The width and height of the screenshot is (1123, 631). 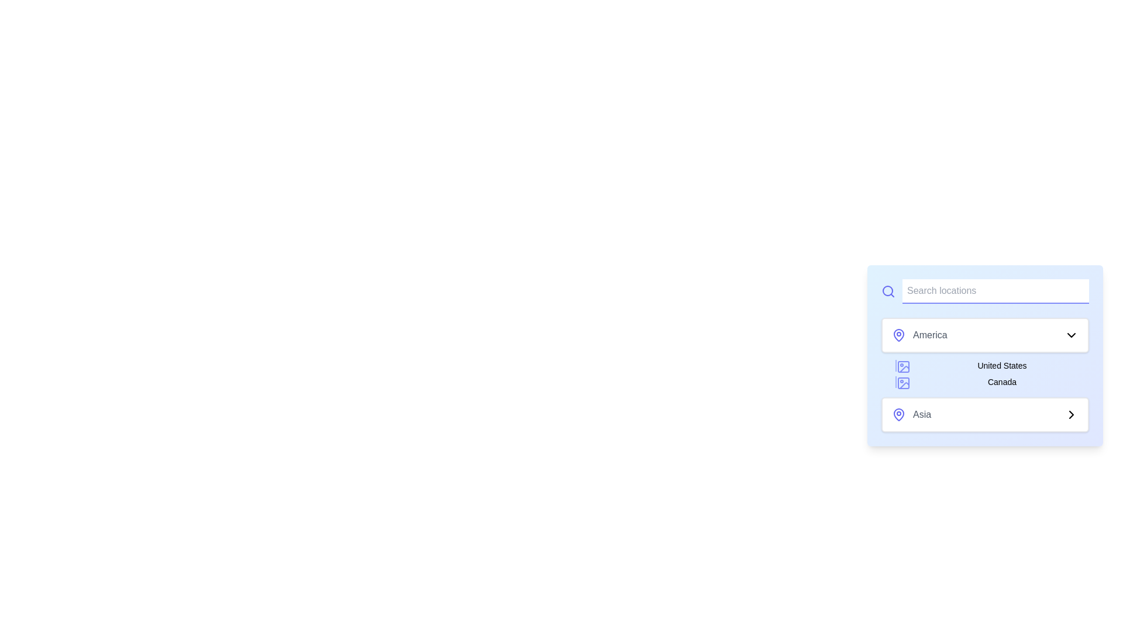 What do you see at coordinates (887, 290) in the screenshot?
I see `the circular outline icon representing the search or magnifying glass symbol located inside the search bar, aligned to the left` at bounding box center [887, 290].